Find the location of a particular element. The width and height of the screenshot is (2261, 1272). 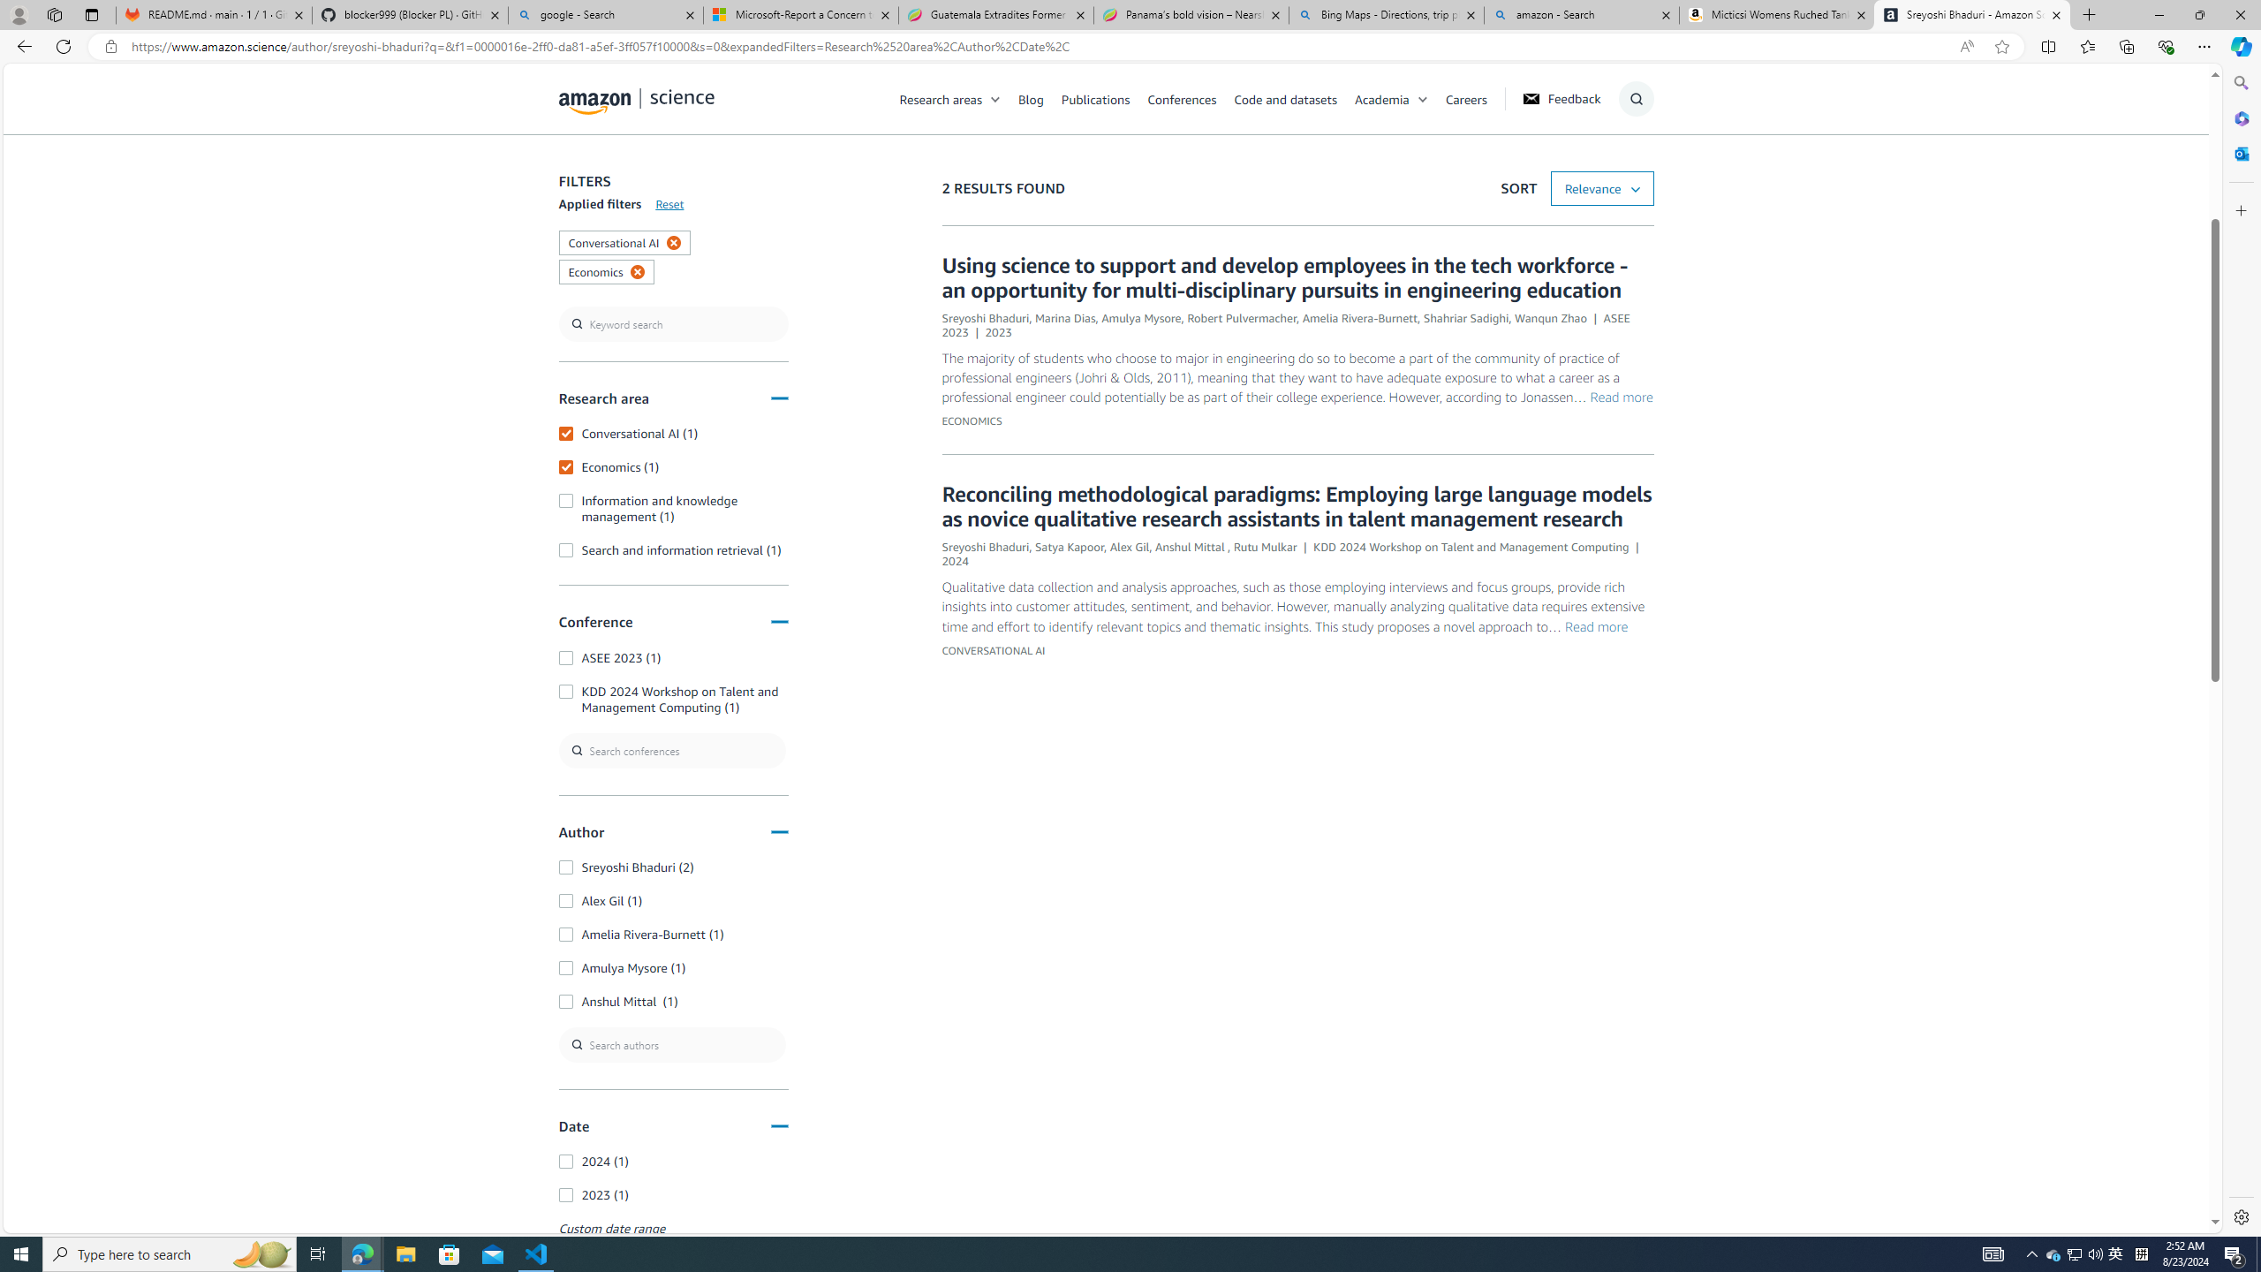

'Research areas' is located at coordinates (958, 98).